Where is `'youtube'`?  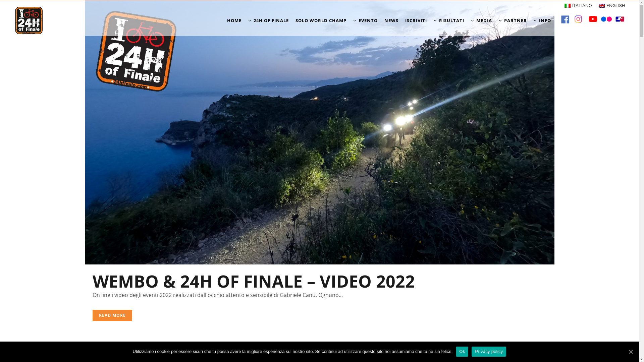
'youtube' is located at coordinates (593, 19).